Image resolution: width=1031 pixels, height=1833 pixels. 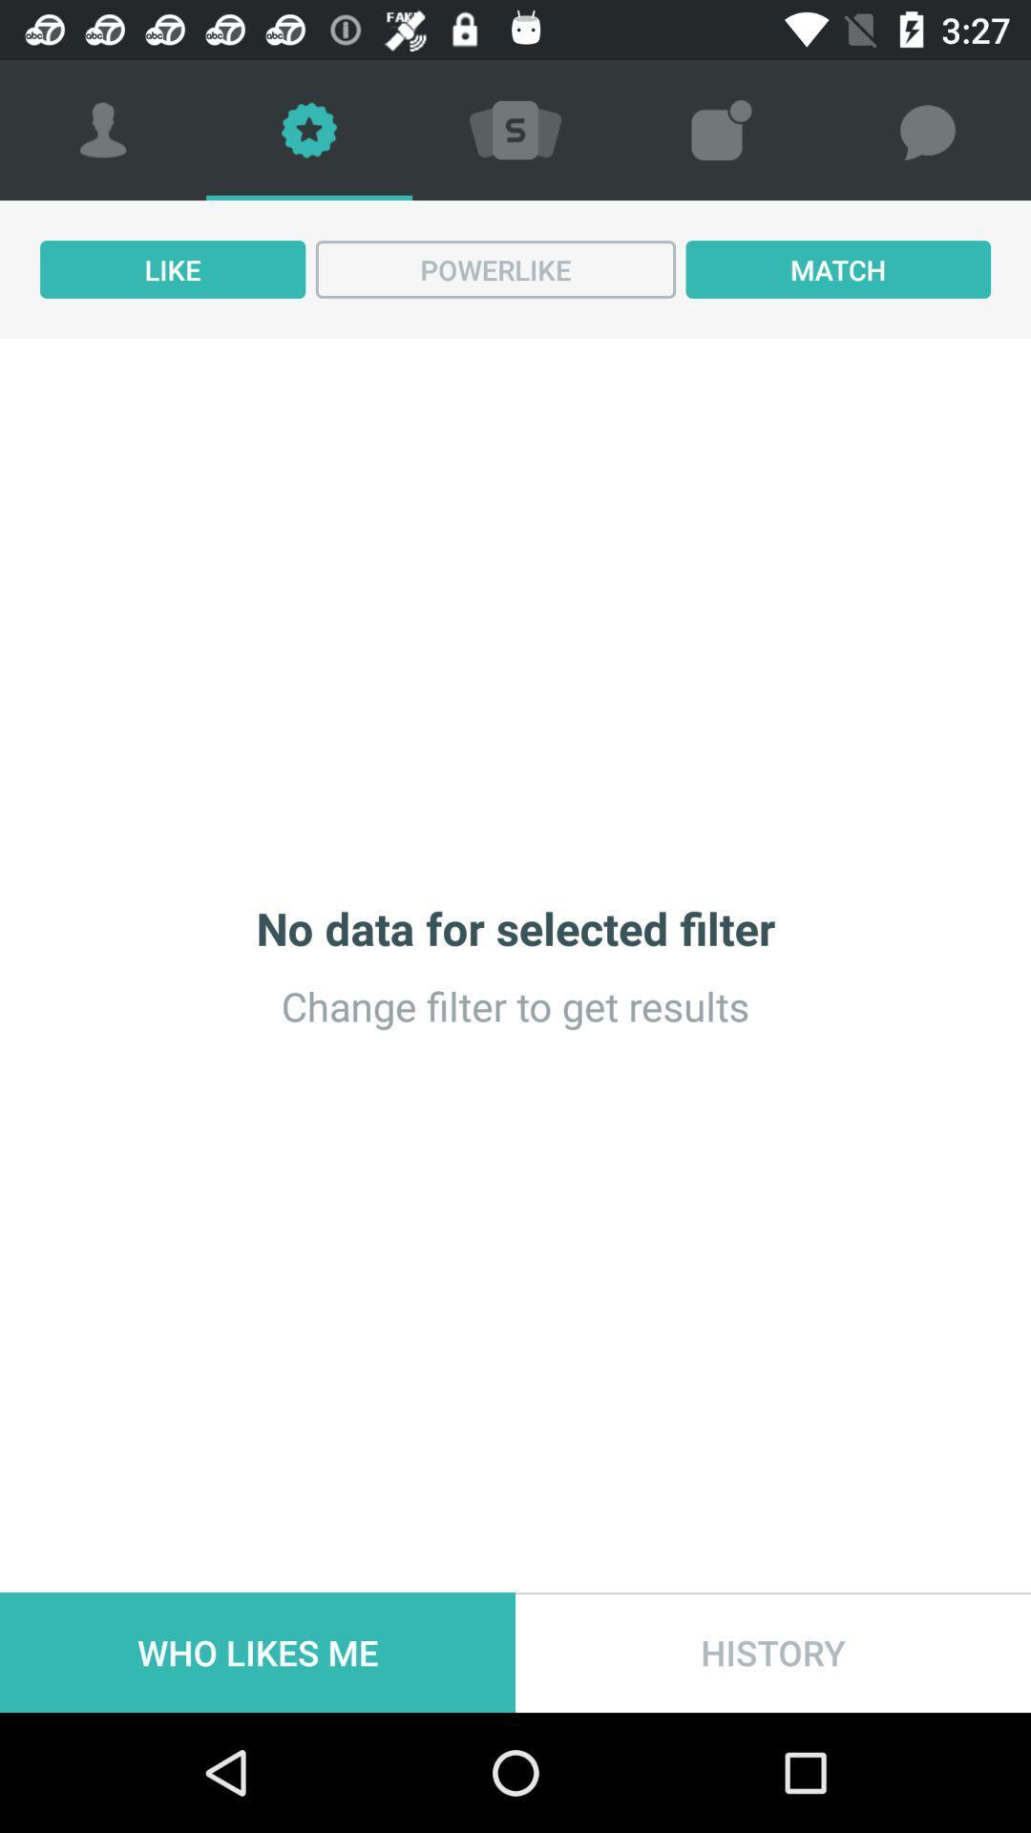 What do you see at coordinates (773, 1652) in the screenshot?
I see `icon at the bottom right corner` at bounding box center [773, 1652].